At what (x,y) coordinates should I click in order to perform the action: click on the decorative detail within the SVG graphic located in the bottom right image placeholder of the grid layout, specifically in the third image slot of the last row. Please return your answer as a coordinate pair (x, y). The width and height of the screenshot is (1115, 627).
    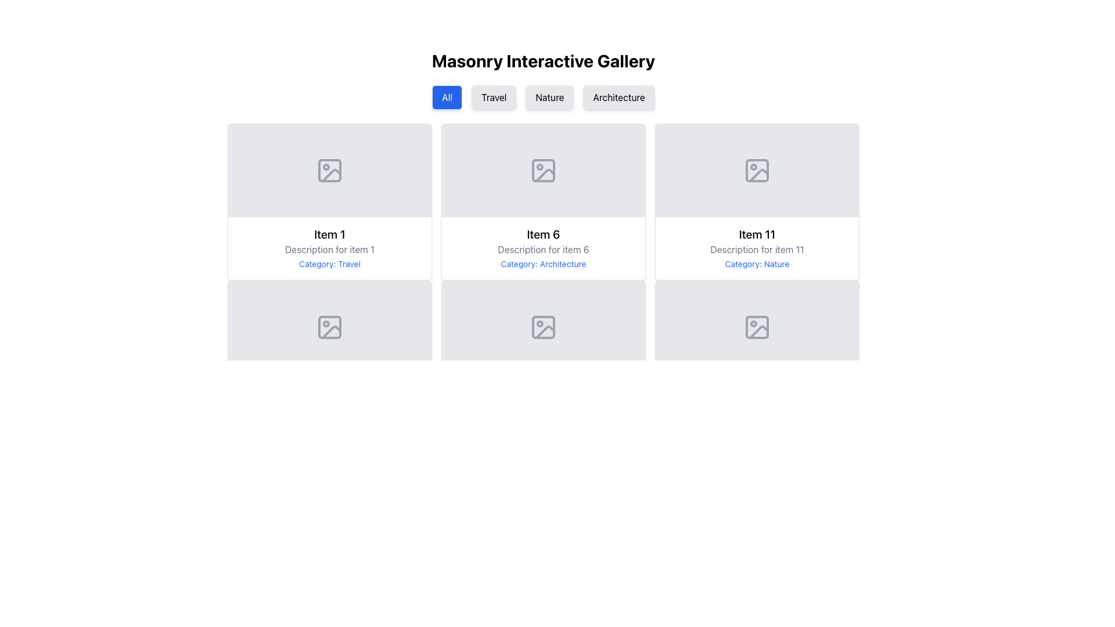
    Looking at the image, I should click on (758, 331).